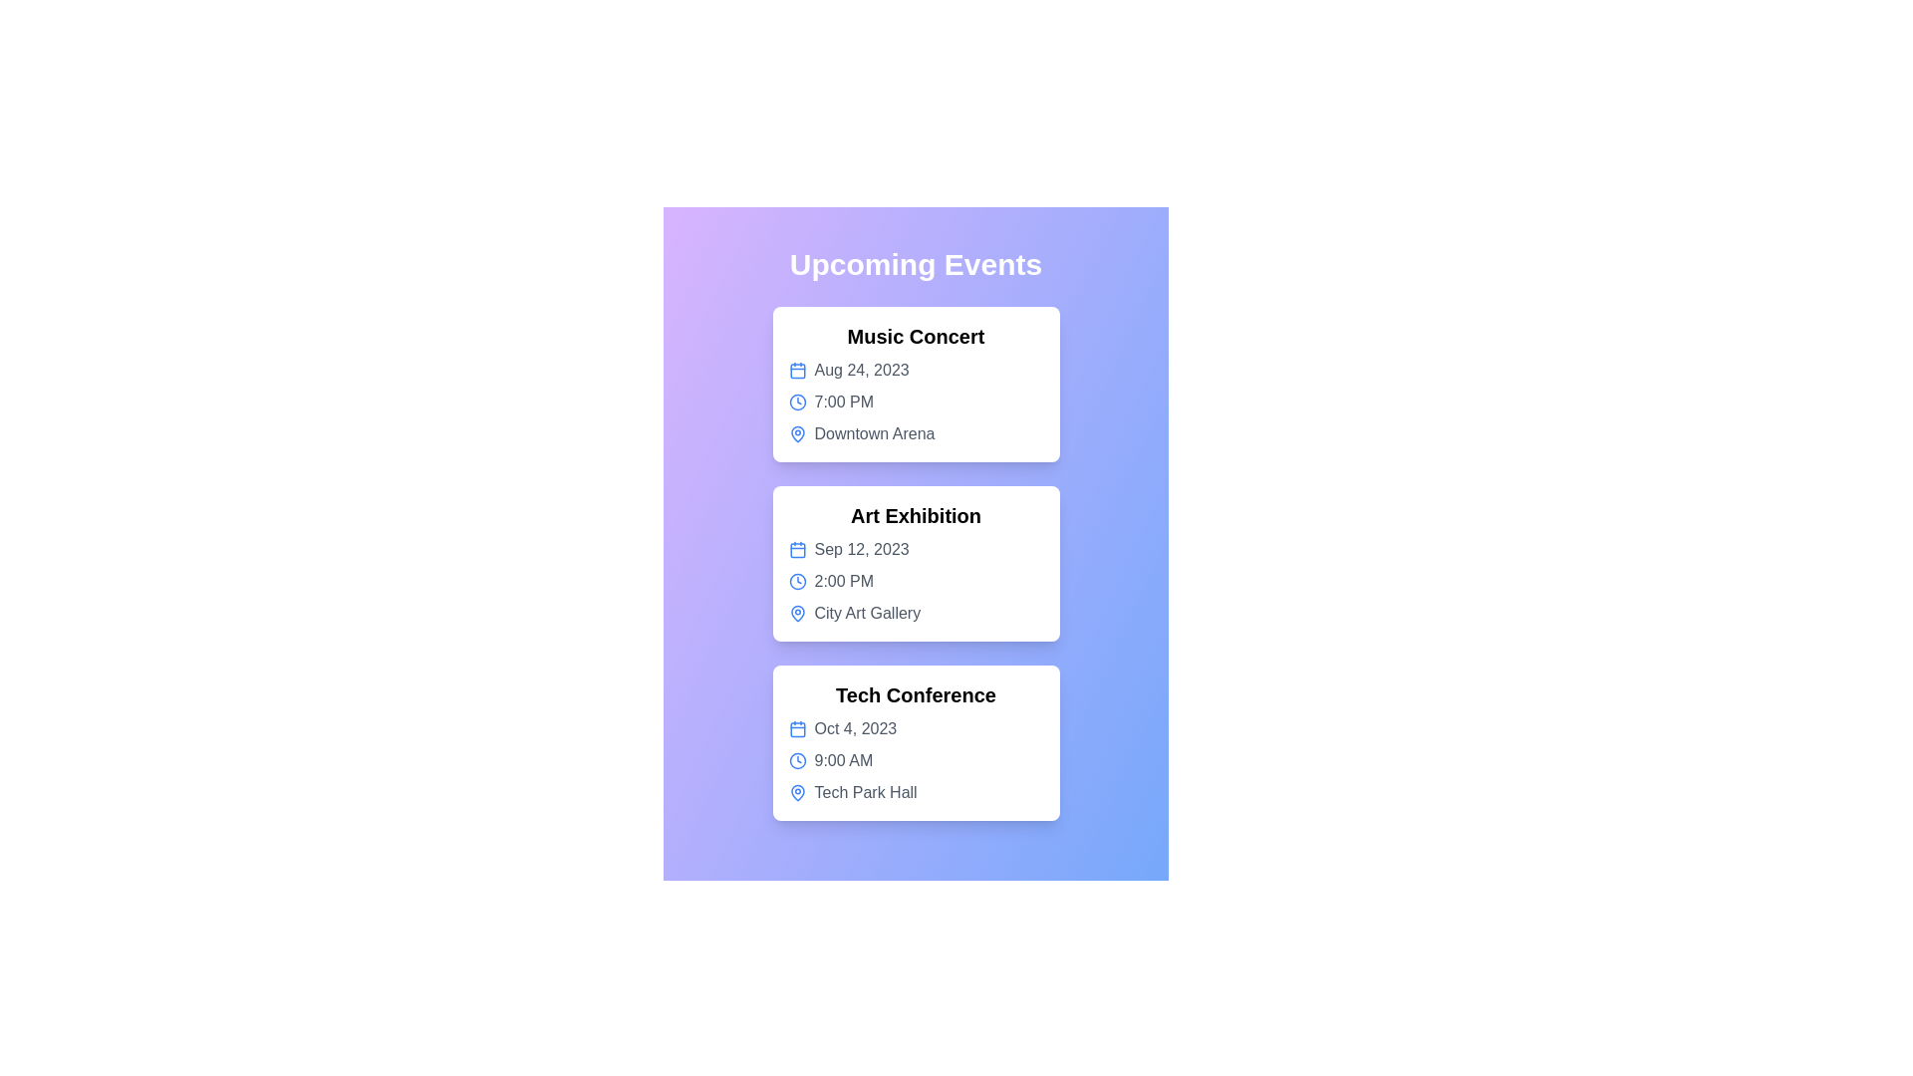  What do you see at coordinates (915, 336) in the screenshot?
I see `the Text label that serves as the title of the event, which is positioned at the top of a card-like UI component and is visually distinct as the headline of the card` at bounding box center [915, 336].